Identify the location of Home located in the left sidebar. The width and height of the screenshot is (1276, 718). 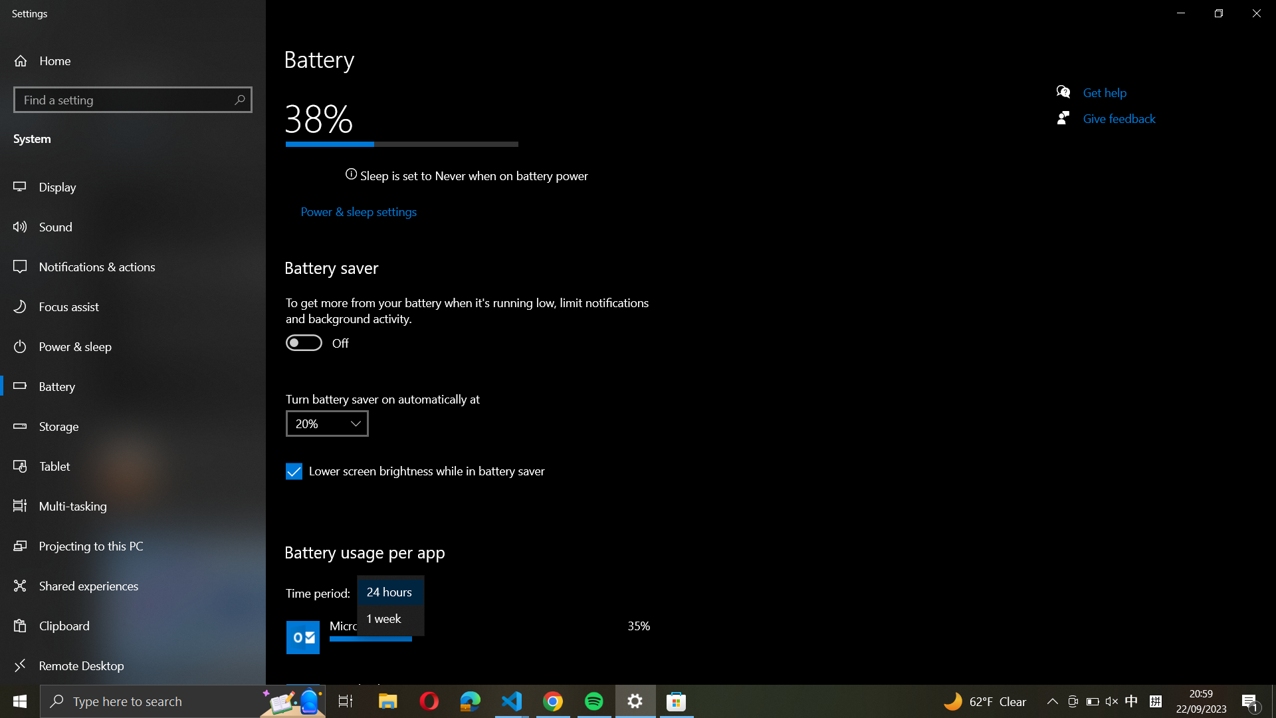
(64, 60).